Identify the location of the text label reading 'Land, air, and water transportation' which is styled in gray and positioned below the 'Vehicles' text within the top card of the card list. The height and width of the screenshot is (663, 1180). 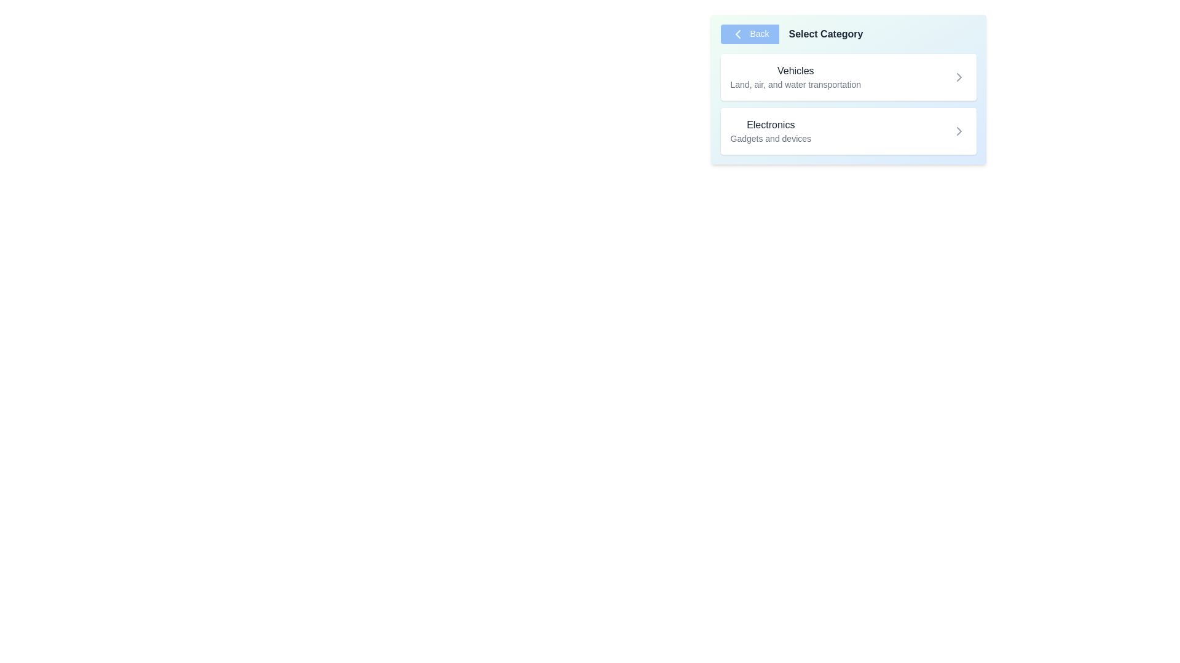
(795, 84).